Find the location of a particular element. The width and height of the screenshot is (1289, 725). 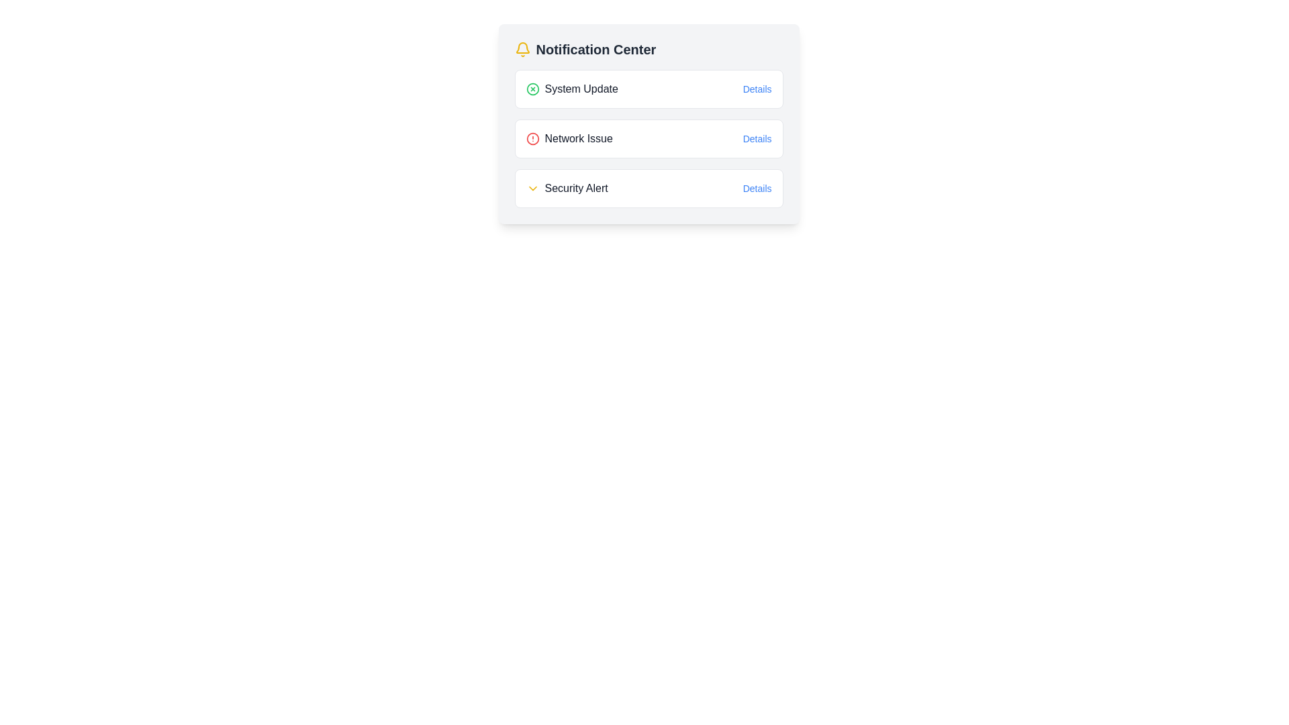

the hyperlink/button located at the right end of the 'Security Alert' notification entry is located at coordinates (757, 189).